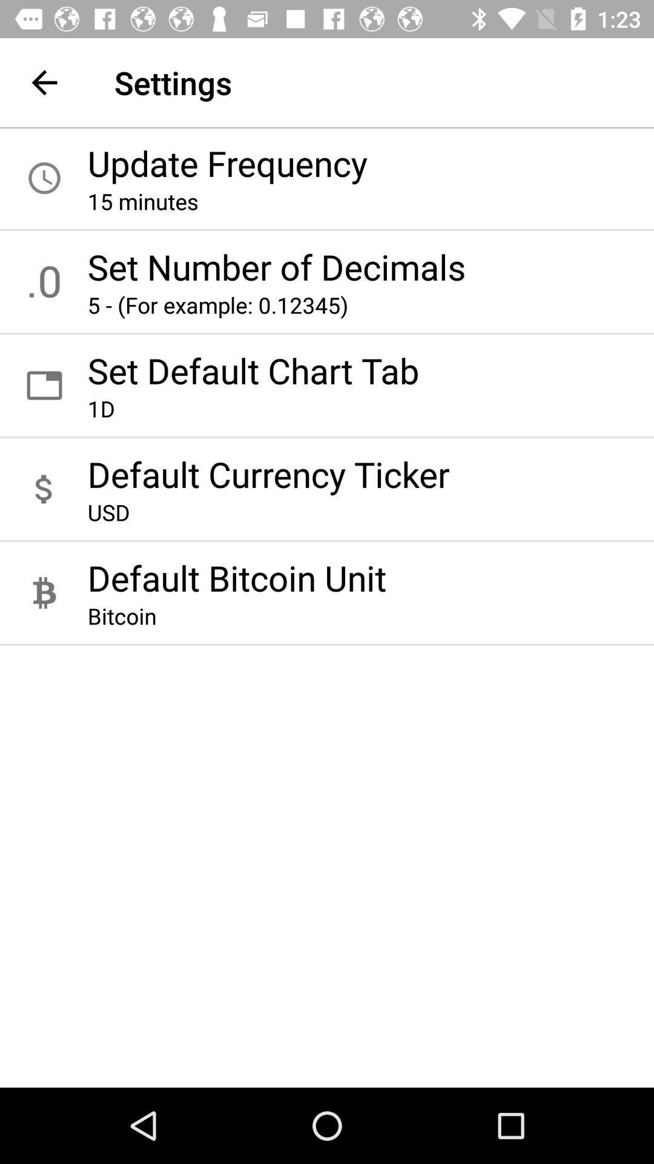 The height and width of the screenshot is (1164, 654). I want to click on icon to the left of the settings item, so click(44, 82).